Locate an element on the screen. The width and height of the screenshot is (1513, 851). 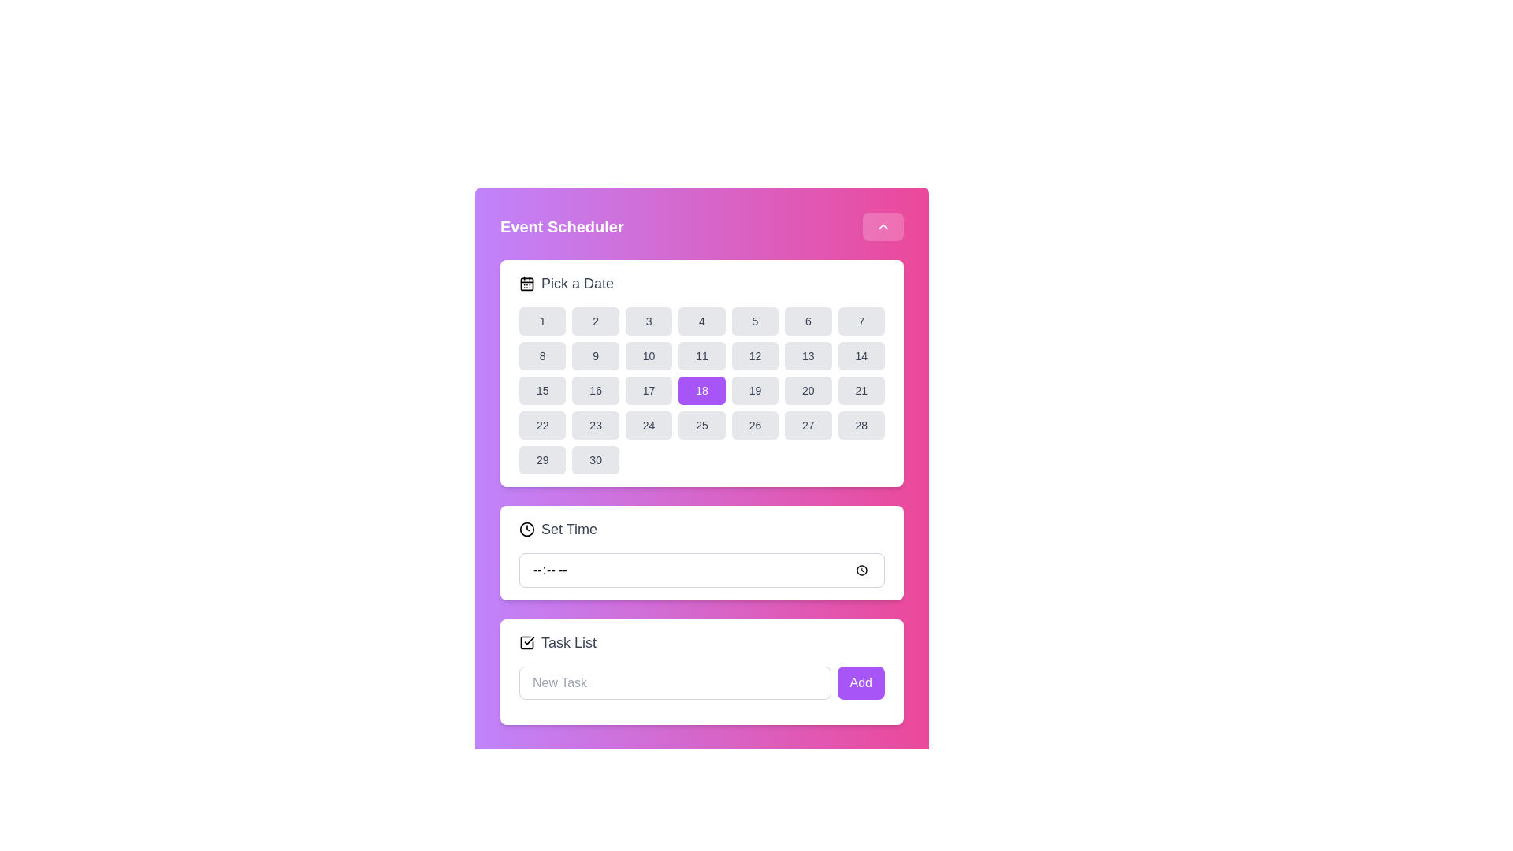
the interactive button for selecting the day number '3' in the date picker of the 'Event Scheduler' calendar interface is located at coordinates (649, 321).